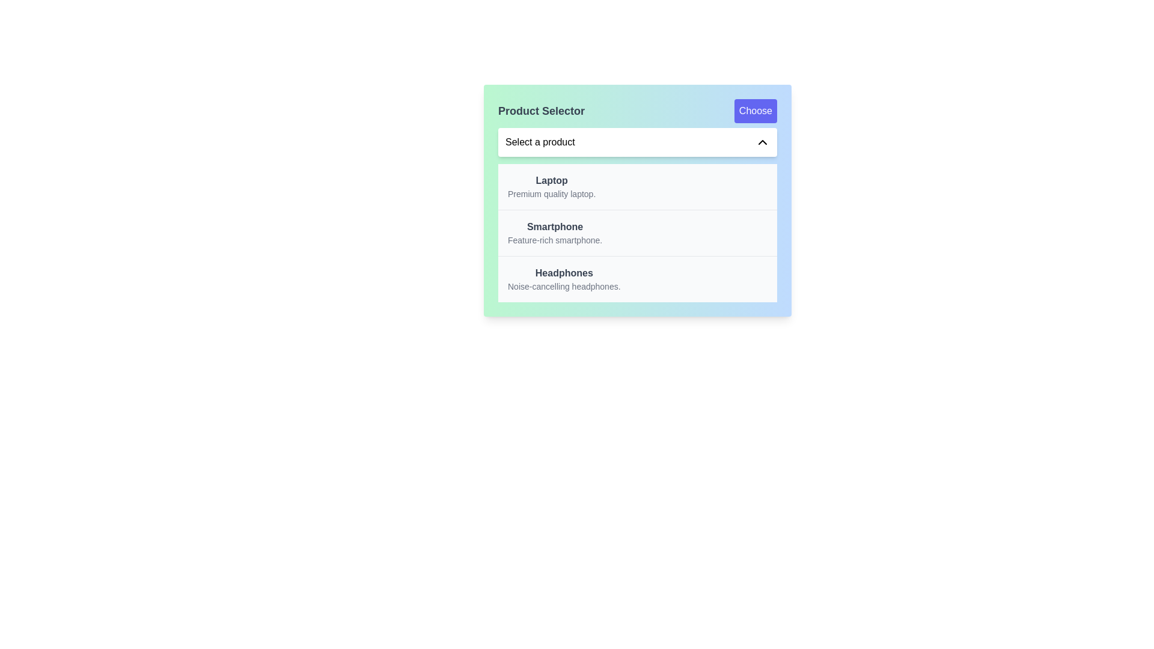 The height and width of the screenshot is (649, 1154). Describe the element at coordinates (554, 227) in the screenshot. I see `the bold title of the middle product option in the list, which is located between the 'Laptop' and 'Headphones' options` at that location.